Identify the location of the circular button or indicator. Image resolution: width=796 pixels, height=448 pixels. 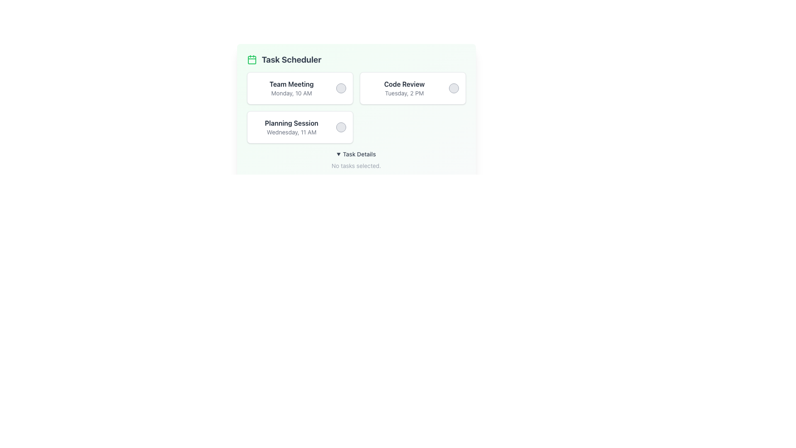
(341, 88).